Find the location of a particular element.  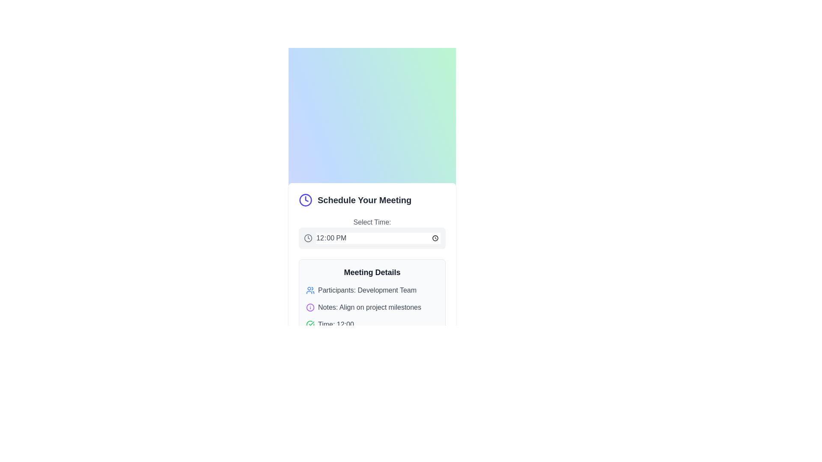

the Time input field with a light gray background and clock icons is located at coordinates (372, 238).